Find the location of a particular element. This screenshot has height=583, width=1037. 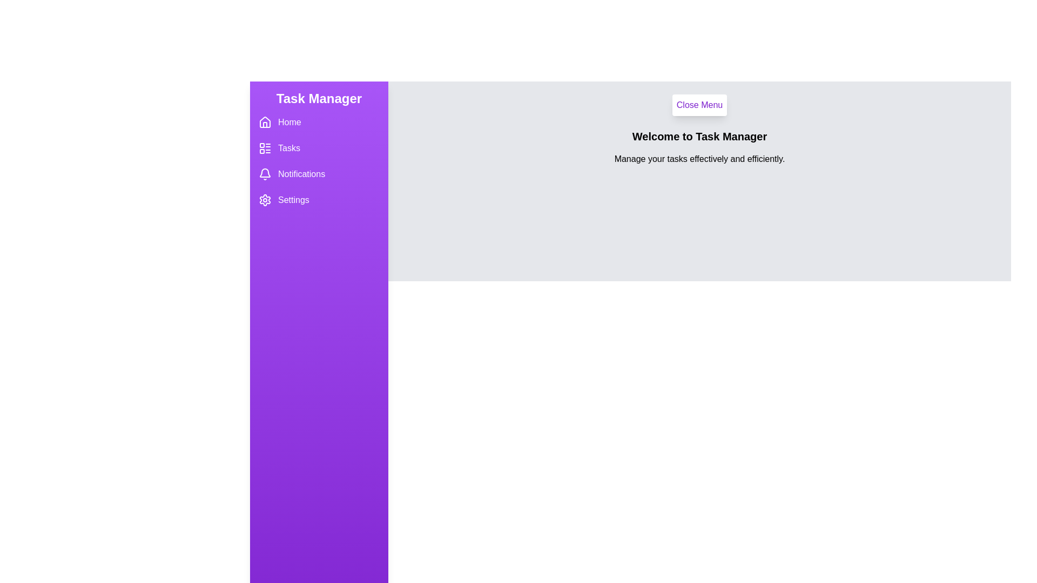

the navigation option Settings to navigate to the respective section is located at coordinates (318, 200).